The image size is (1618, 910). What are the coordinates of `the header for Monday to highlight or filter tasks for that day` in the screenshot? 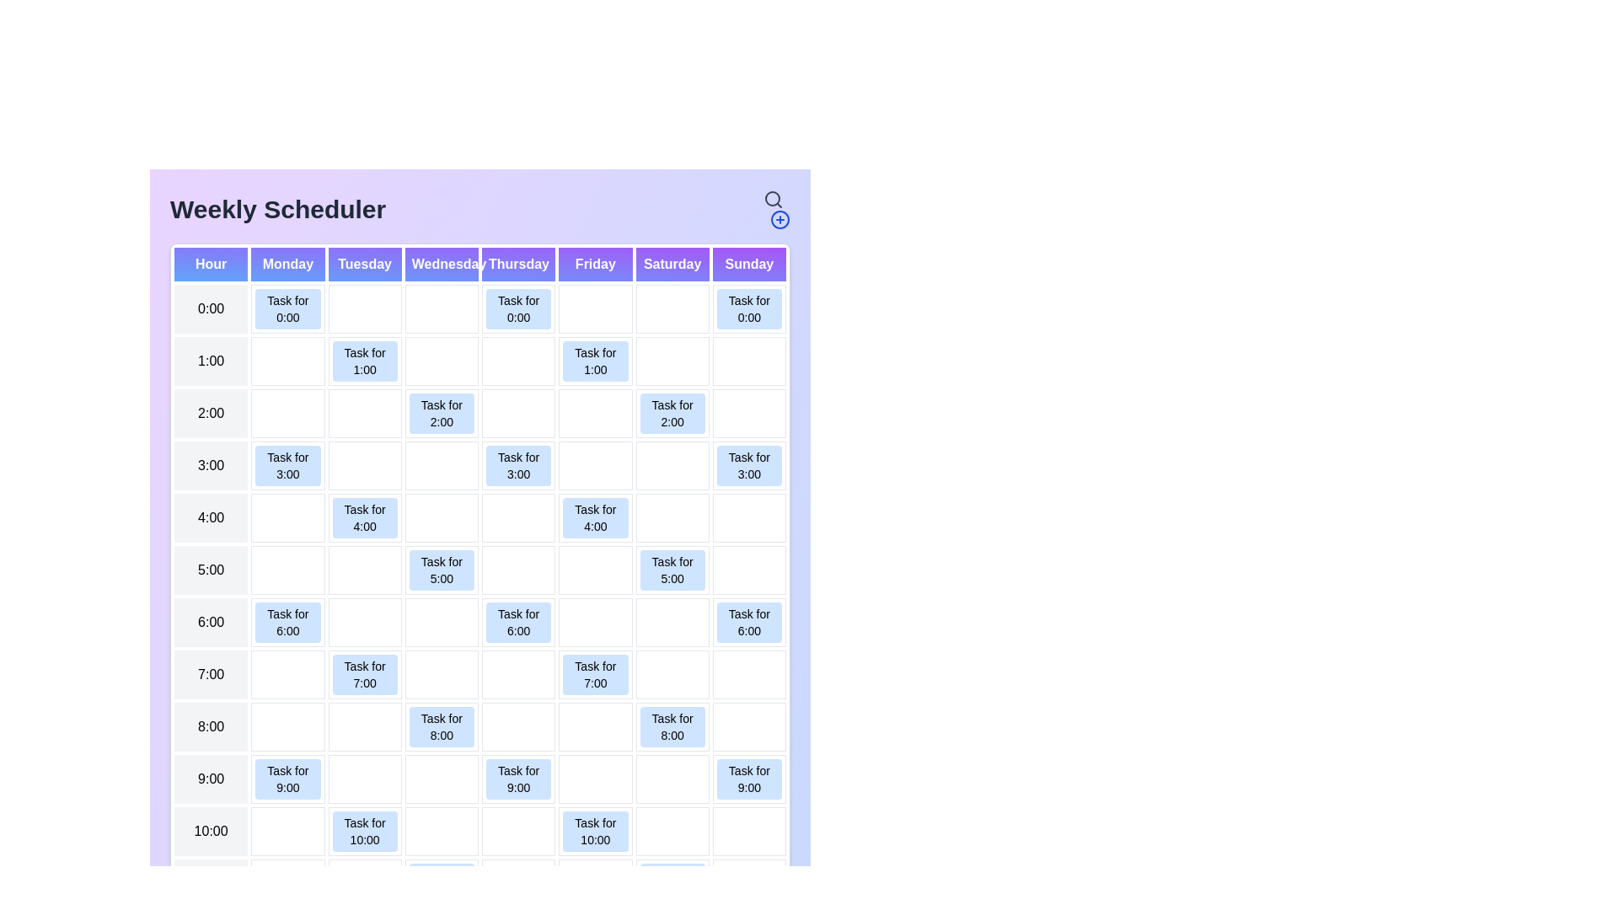 It's located at (287, 264).